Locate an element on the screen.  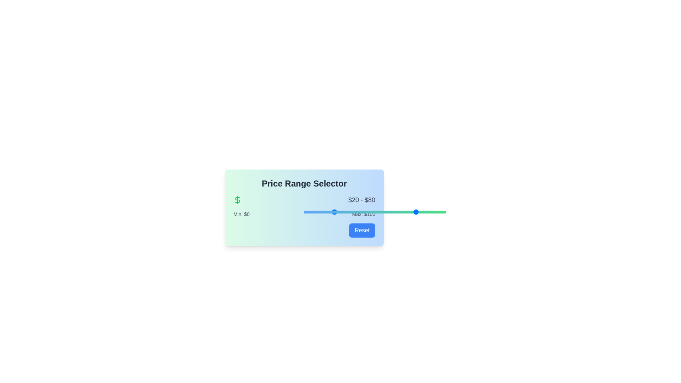
the horizontal slider with a gradient-colored background located within the 'Price Range Selector' panel, beneath the '$20 - $80' indicators is located at coordinates (375, 211).